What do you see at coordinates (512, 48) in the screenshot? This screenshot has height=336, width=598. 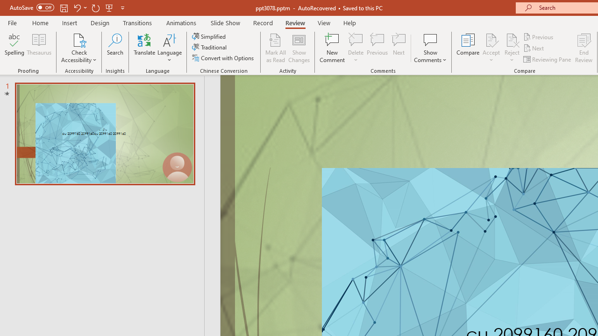 I see `'Reject'` at bounding box center [512, 48].